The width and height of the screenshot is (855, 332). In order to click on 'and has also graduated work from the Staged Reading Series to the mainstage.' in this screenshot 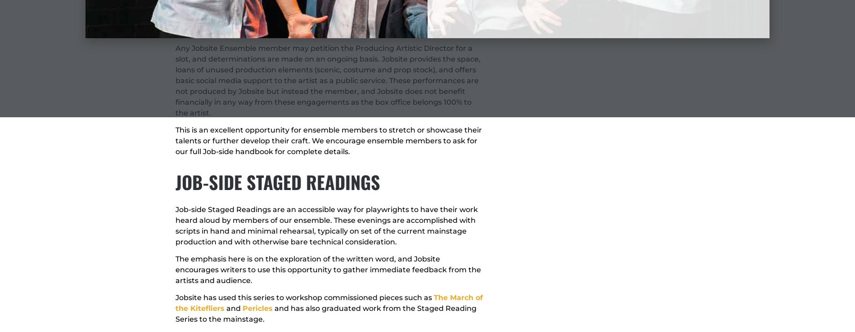, I will do `click(325, 313)`.